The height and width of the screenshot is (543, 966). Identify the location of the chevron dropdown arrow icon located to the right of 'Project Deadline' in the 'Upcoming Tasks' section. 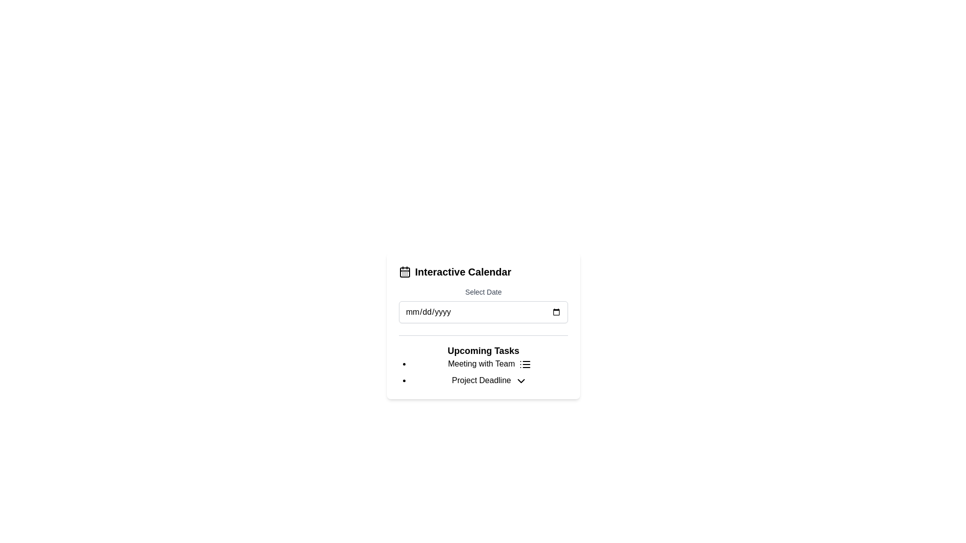
(521, 381).